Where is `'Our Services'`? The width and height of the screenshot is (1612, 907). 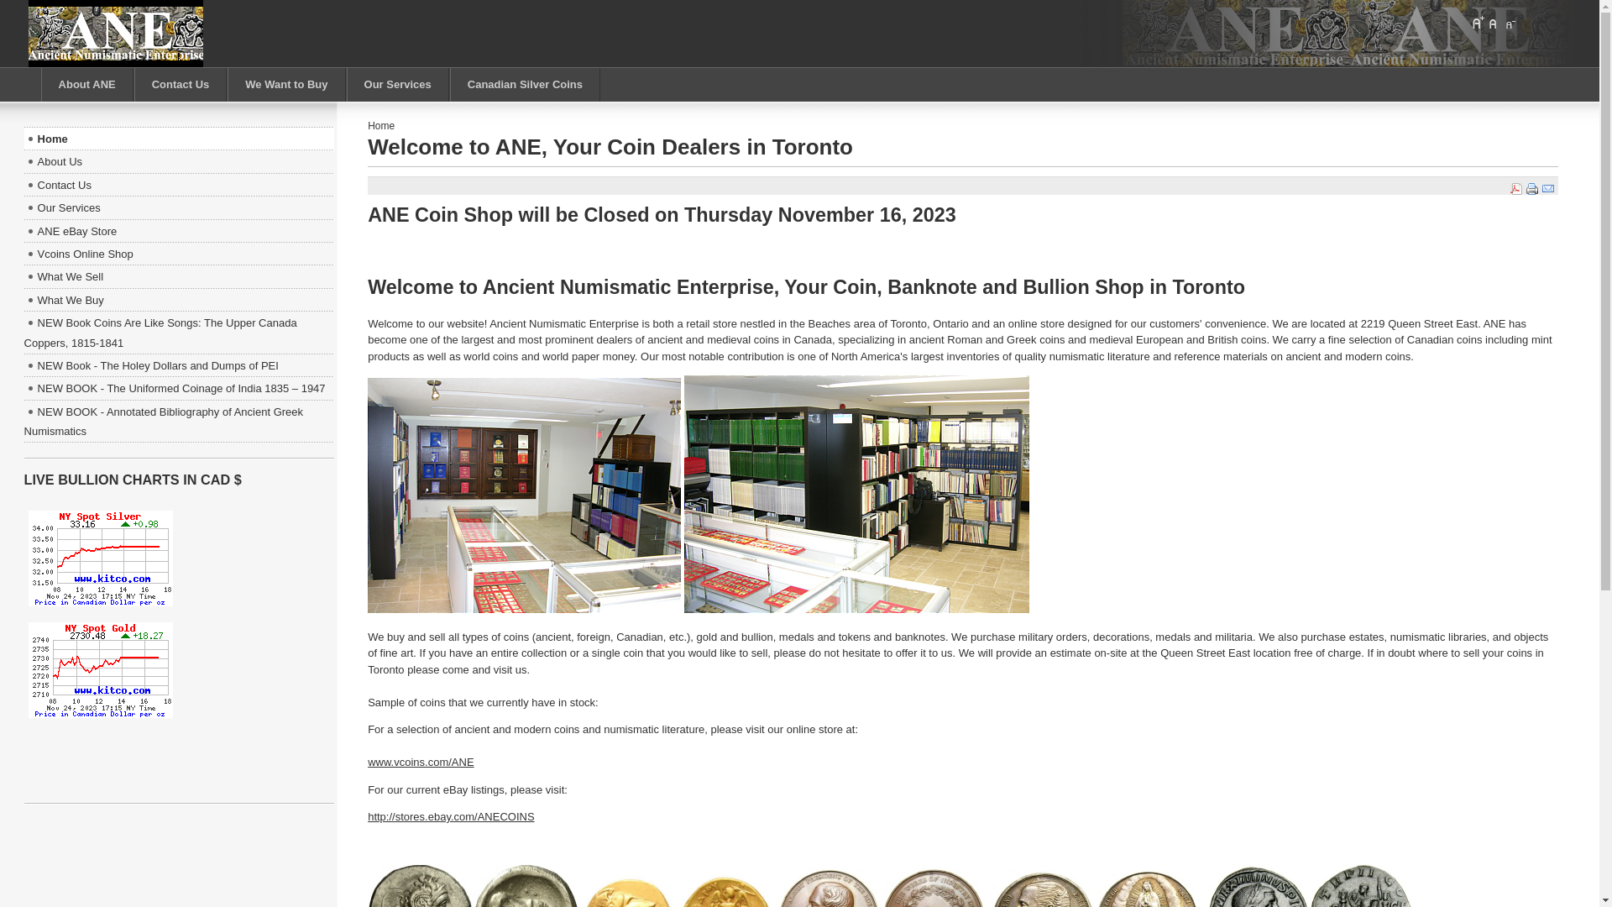
'Our Services' is located at coordinates (397, 84).